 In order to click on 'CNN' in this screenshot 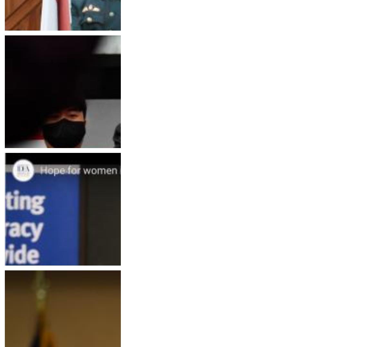, I will do `click(15, 278)`.